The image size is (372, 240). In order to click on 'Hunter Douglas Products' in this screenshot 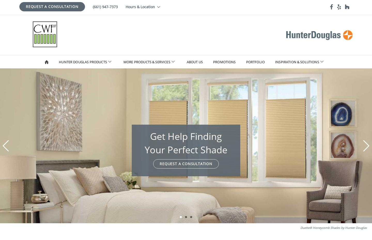, I will do `click(59, 62)`.